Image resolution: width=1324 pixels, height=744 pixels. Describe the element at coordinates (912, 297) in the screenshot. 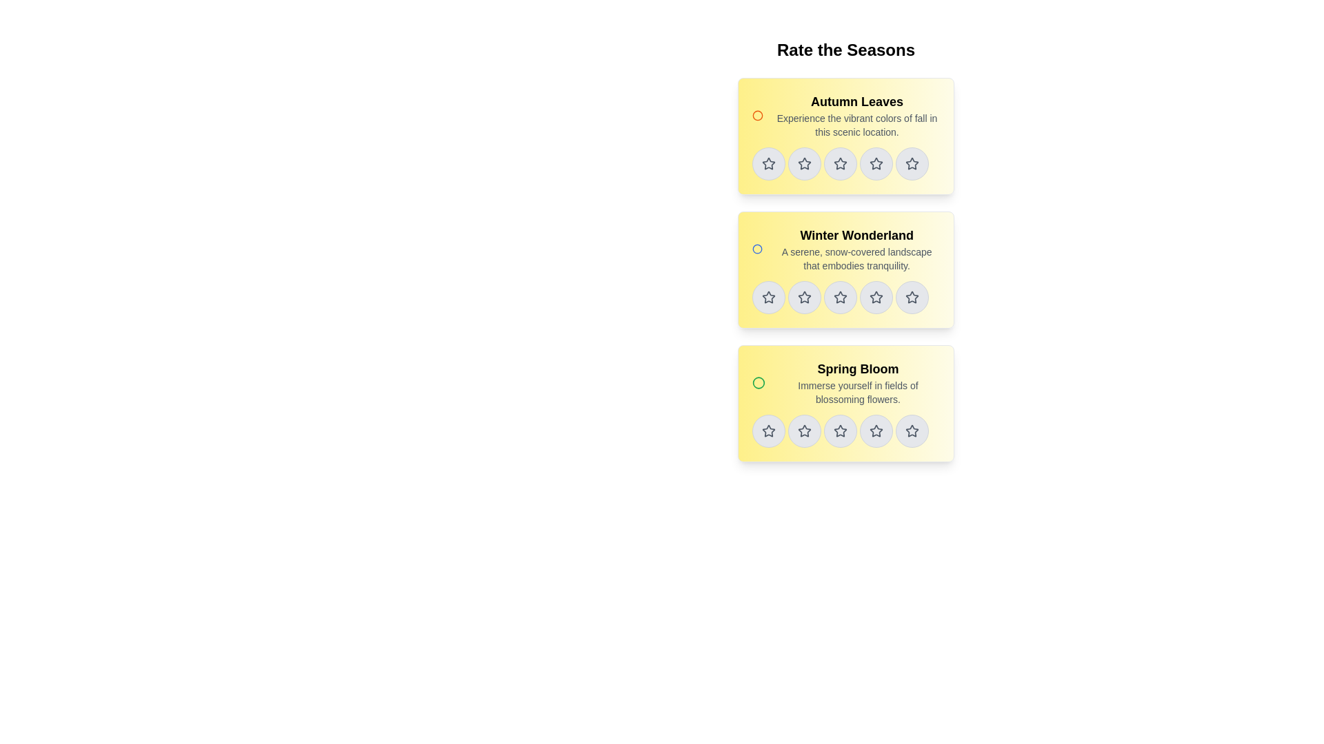

I see `the fourth star-shaped rating icon, which is outlined with a gray border and located under the 'Winter Wonderland' section` at that location.